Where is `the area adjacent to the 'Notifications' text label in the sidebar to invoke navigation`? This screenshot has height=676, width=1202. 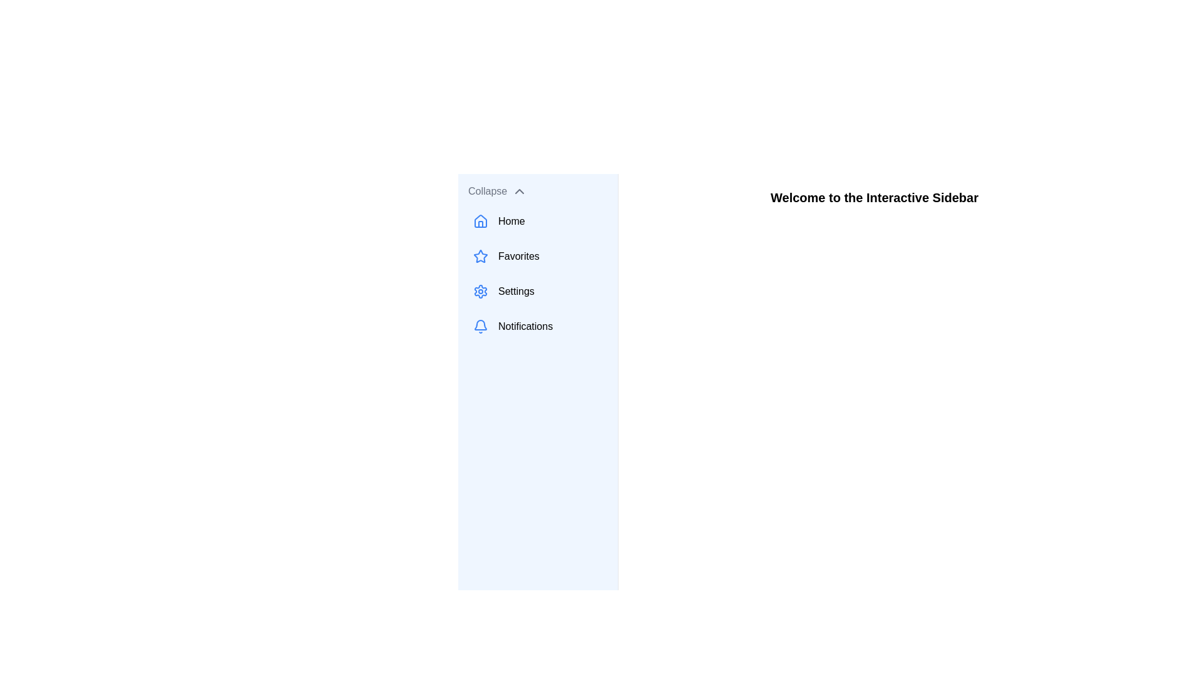 the area adjacent to the 'Notifications' text label in the sidebar to invoke navigation is located at coordinates (525, 325).